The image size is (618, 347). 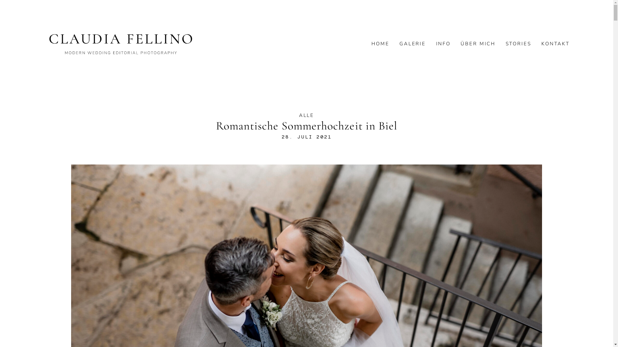 What do you see at coordinates (443, 43) in the screenshot?
I see `'INFO'` at bounding box center [443, 43].